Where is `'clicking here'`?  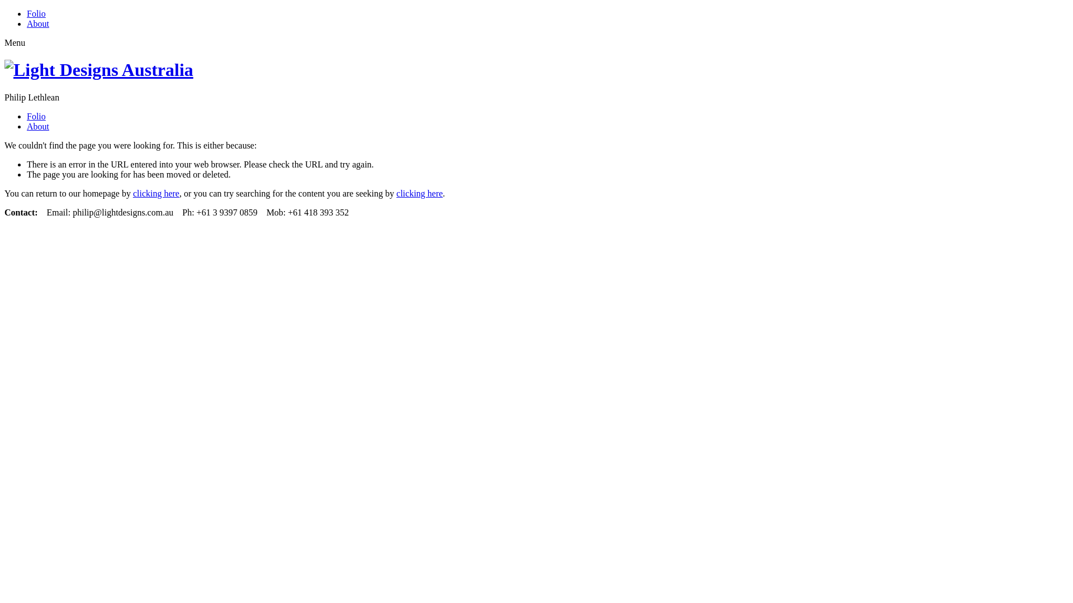 'clicking here' is located at coordinates (419, 193).